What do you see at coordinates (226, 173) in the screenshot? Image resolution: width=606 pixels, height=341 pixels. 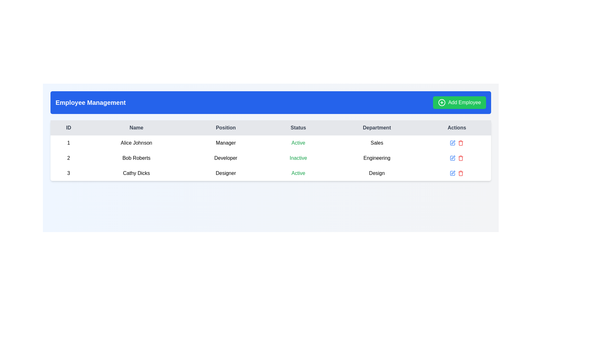 I see `the 'Designer' text label located in the 'Position' column of the employee table for Cathy Dicks` at bounding box center [226, 173].